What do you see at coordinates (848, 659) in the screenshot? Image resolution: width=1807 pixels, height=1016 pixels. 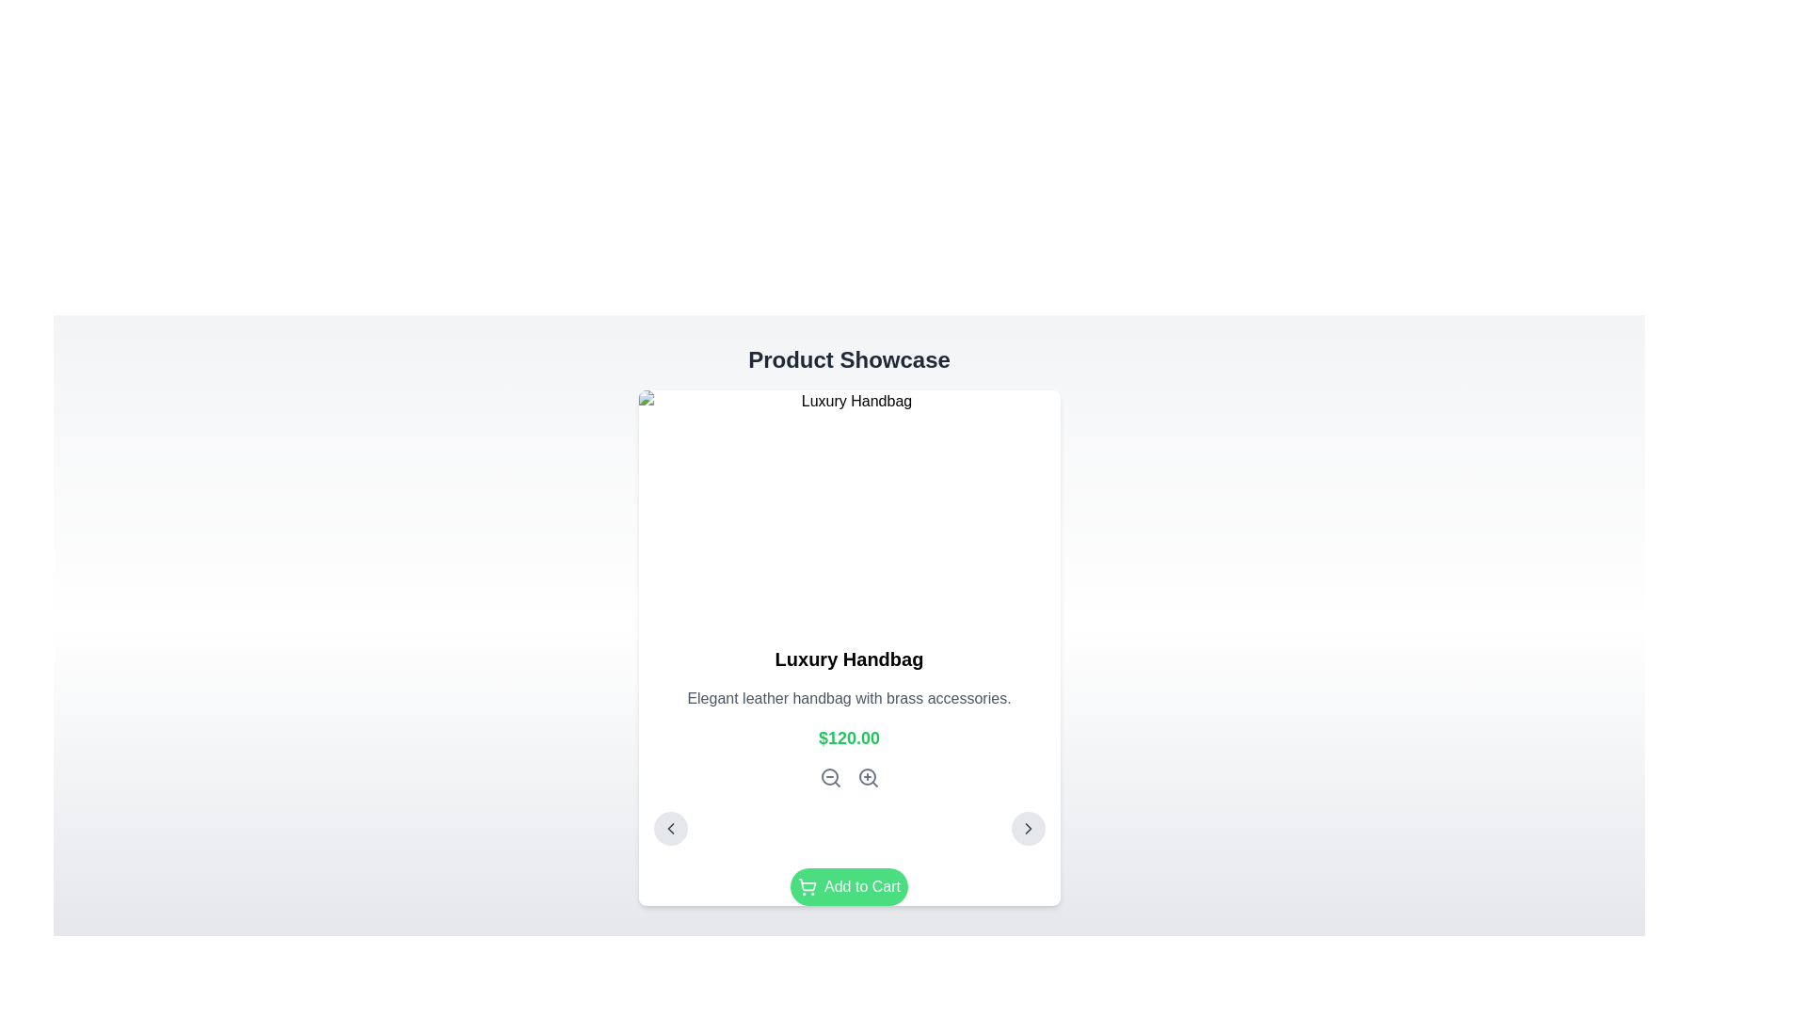 I see `the text label displaying the product title in the 'Product Showcase' card, which is located above the product description and price` at bounding box center [848, 659].